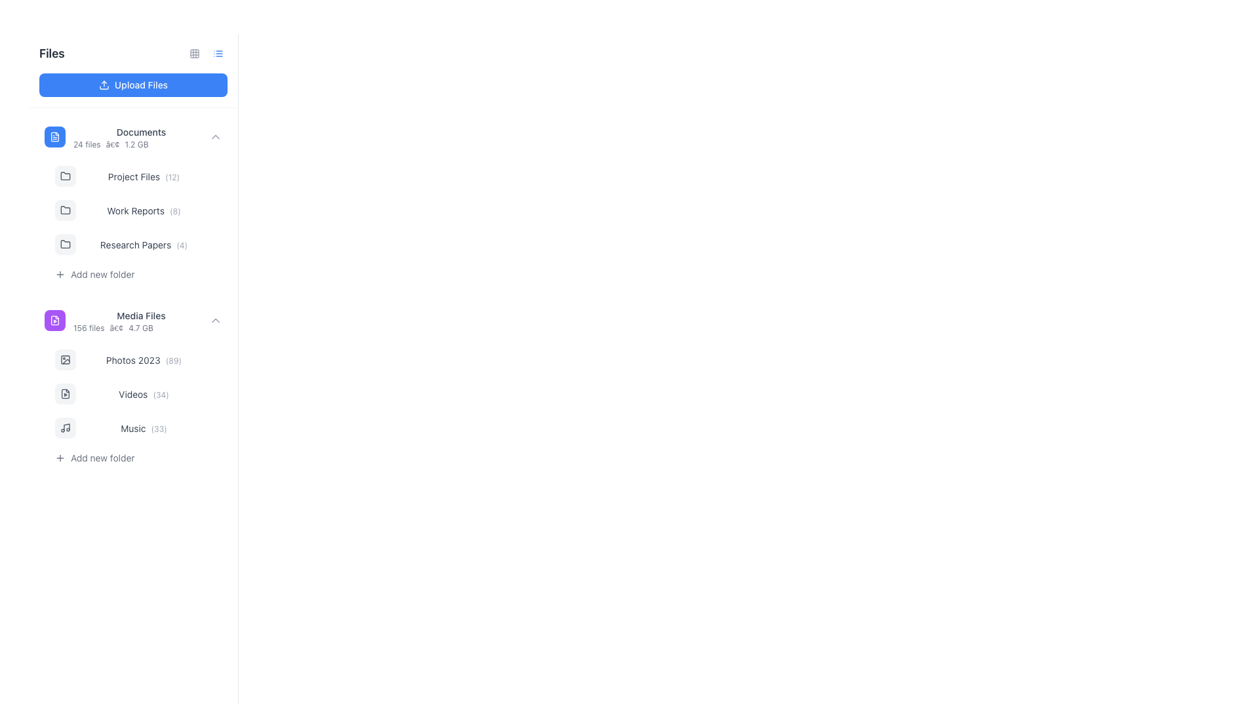  I want to click on decorative vector graphic representing a document icon, located adjacent to the text label 'Documents', so click(54, 136).